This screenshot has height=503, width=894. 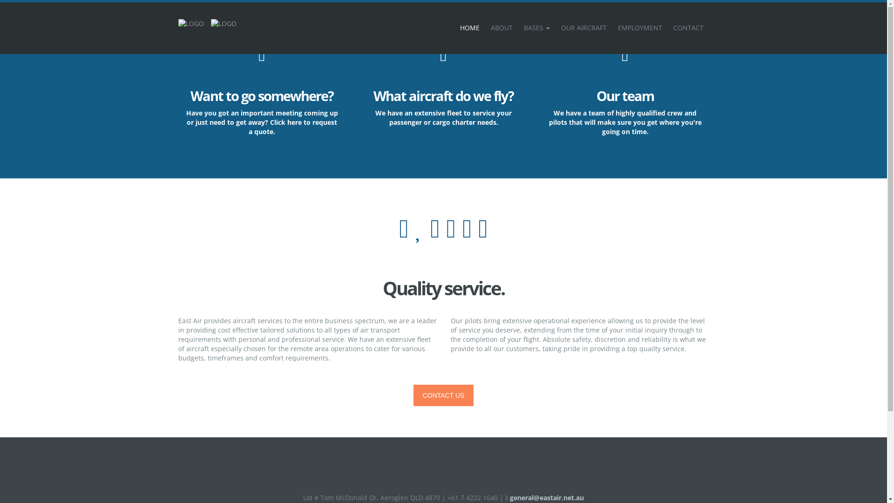 What do you see at coordinates (501, 27) in the screenshot?
I see `'ABOUT'` at bounding box center [501, 27].